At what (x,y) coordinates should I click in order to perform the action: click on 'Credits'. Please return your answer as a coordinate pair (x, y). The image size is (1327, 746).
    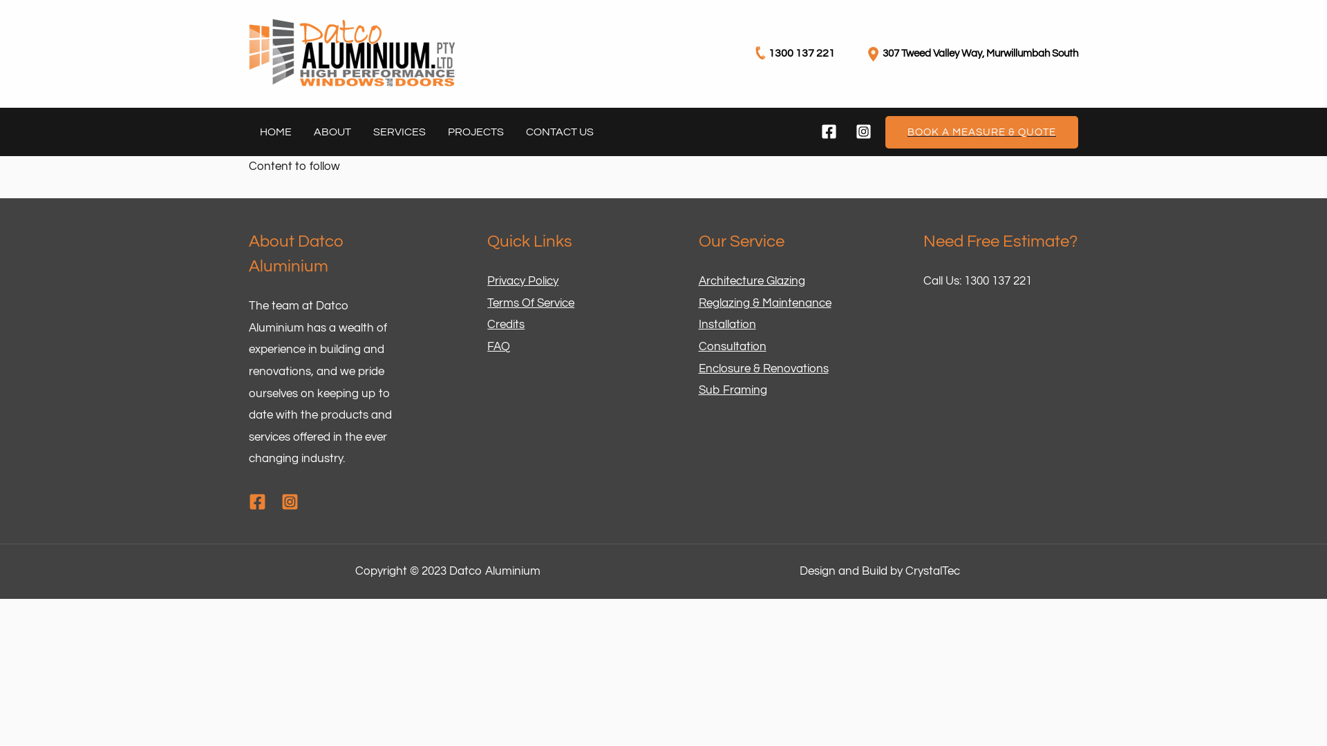
    Looking at the image, I should click on (505, 325).